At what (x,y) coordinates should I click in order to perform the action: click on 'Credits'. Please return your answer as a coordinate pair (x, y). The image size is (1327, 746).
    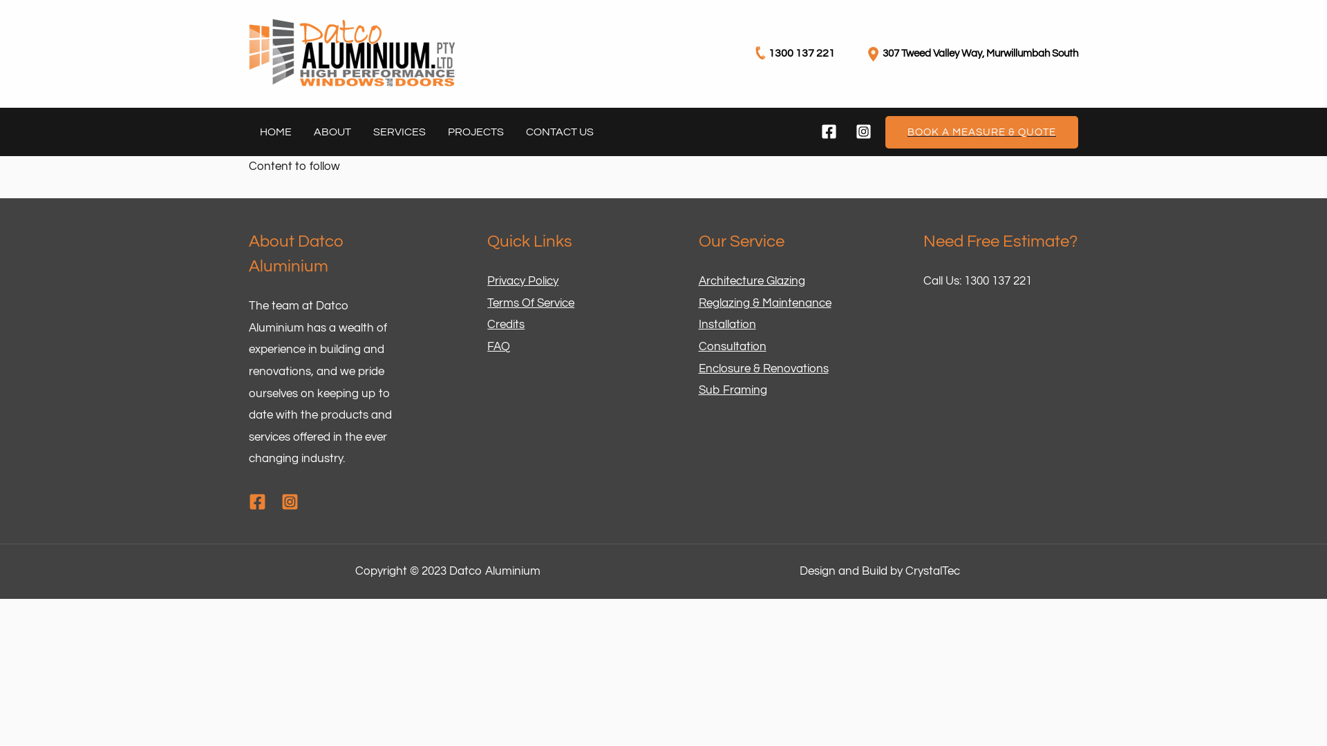
    Looking at the image, I should click on (505, 325).